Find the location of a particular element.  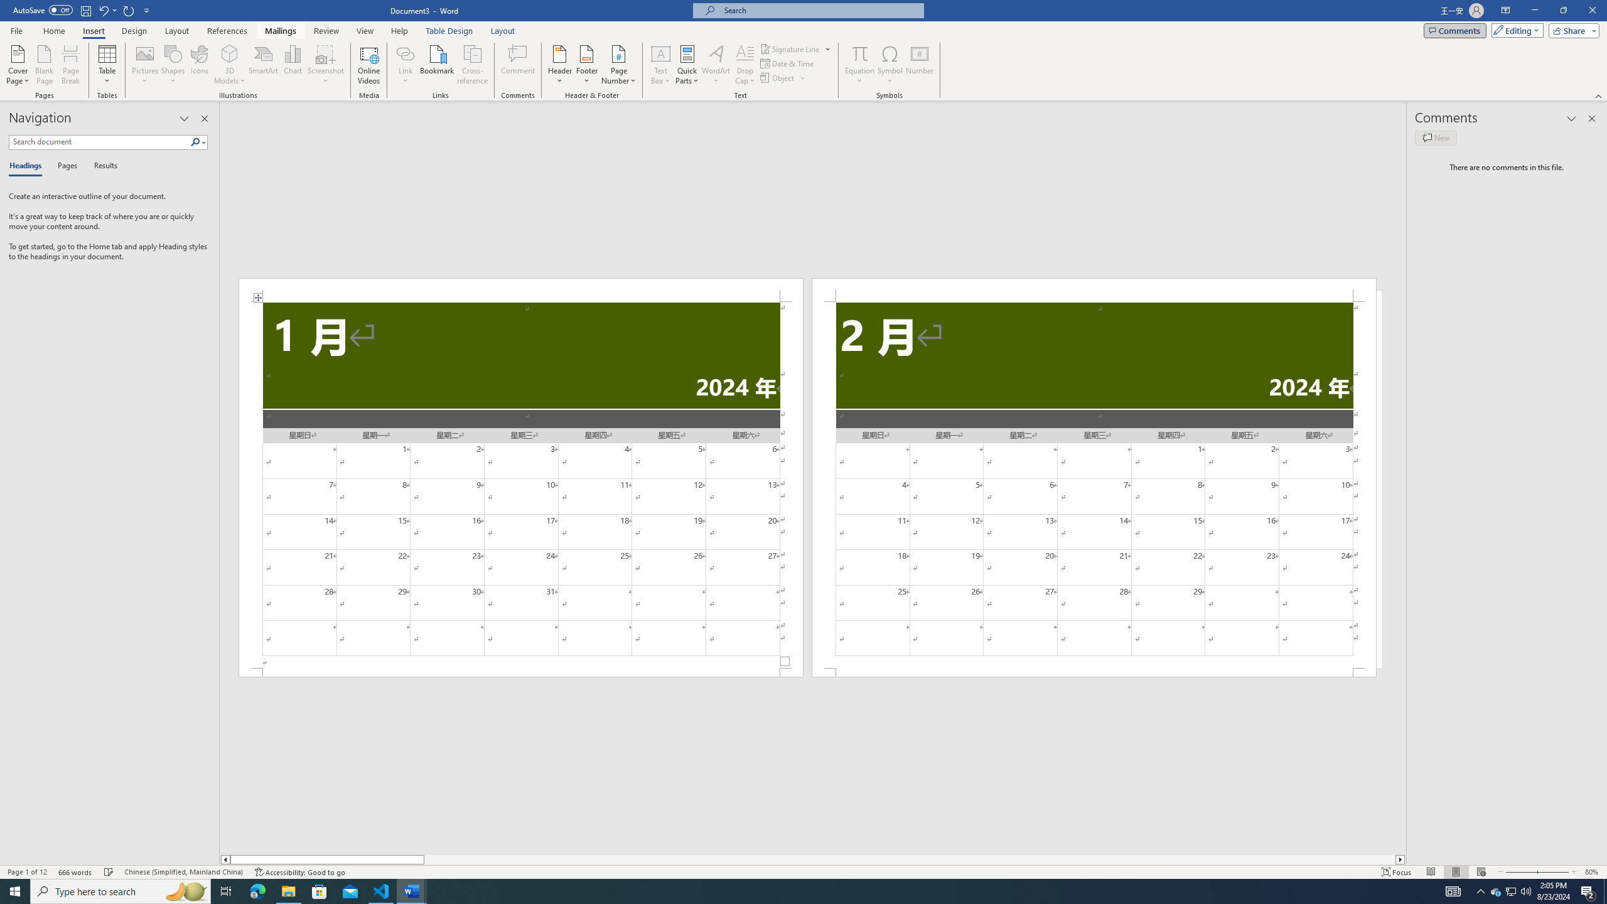

'Bookmark...' is located at coordinates (438, 65).